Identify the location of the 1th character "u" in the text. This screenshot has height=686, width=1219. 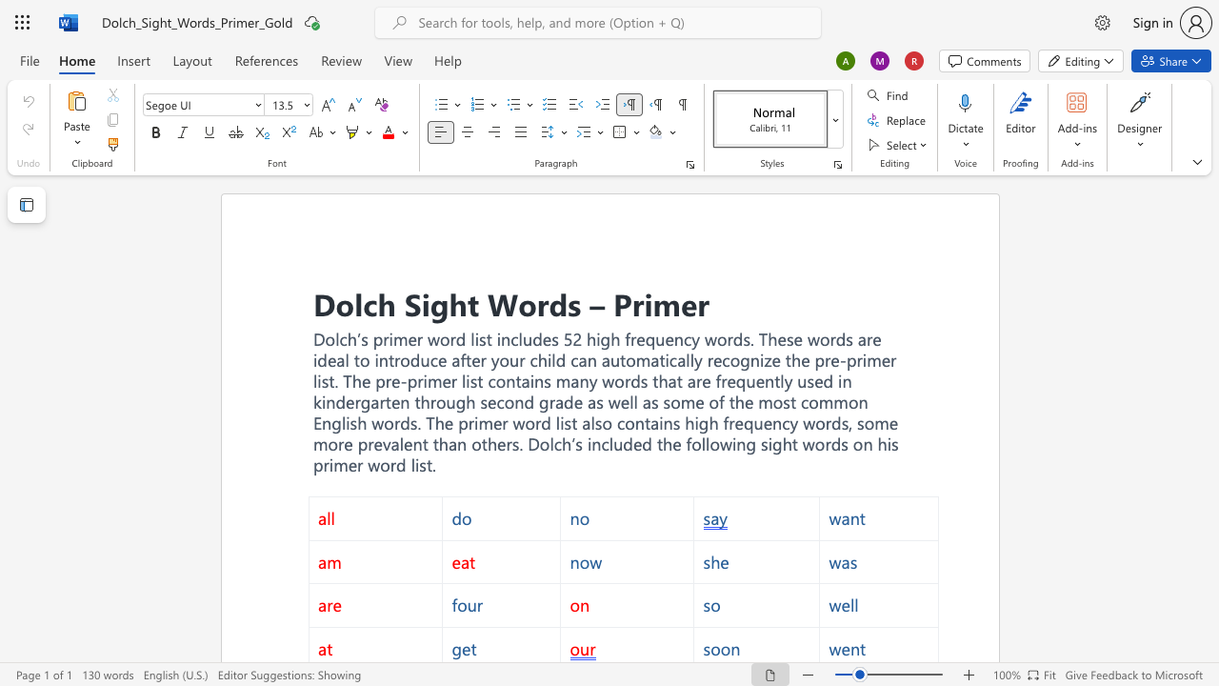
(749, 381).